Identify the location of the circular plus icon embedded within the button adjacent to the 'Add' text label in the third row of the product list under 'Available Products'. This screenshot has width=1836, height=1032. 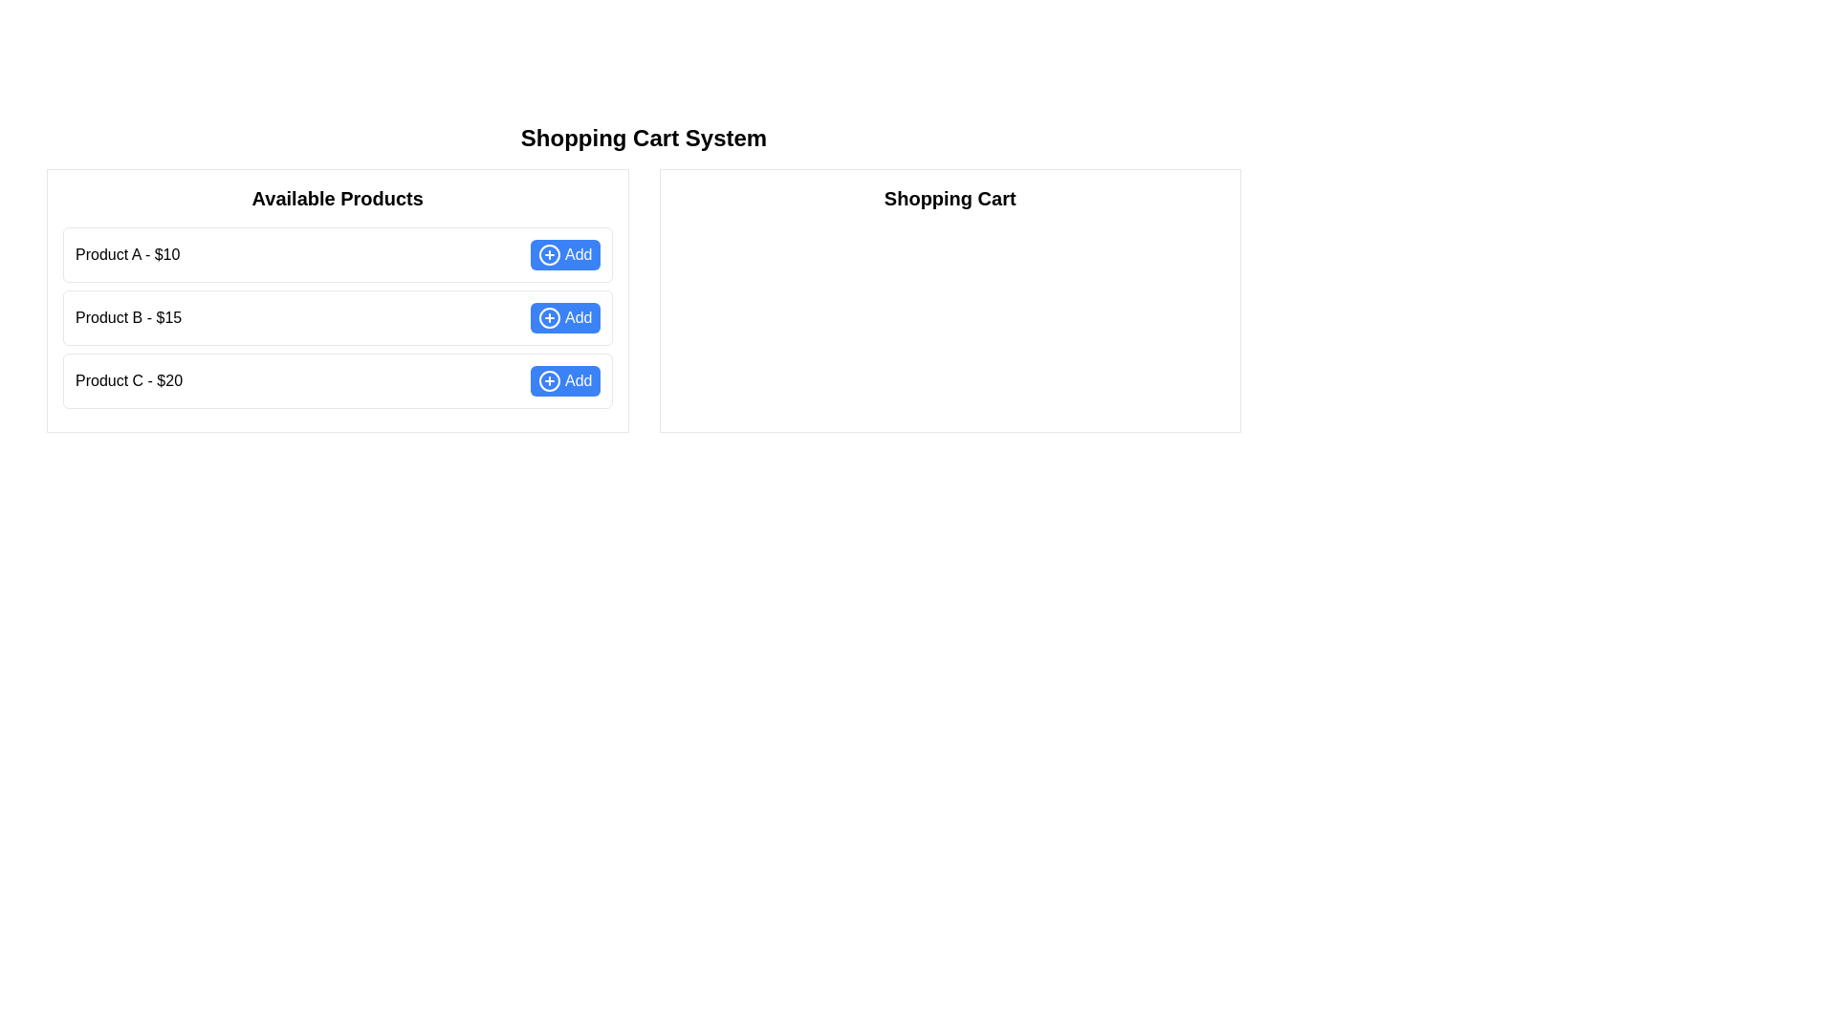
(549, 380).